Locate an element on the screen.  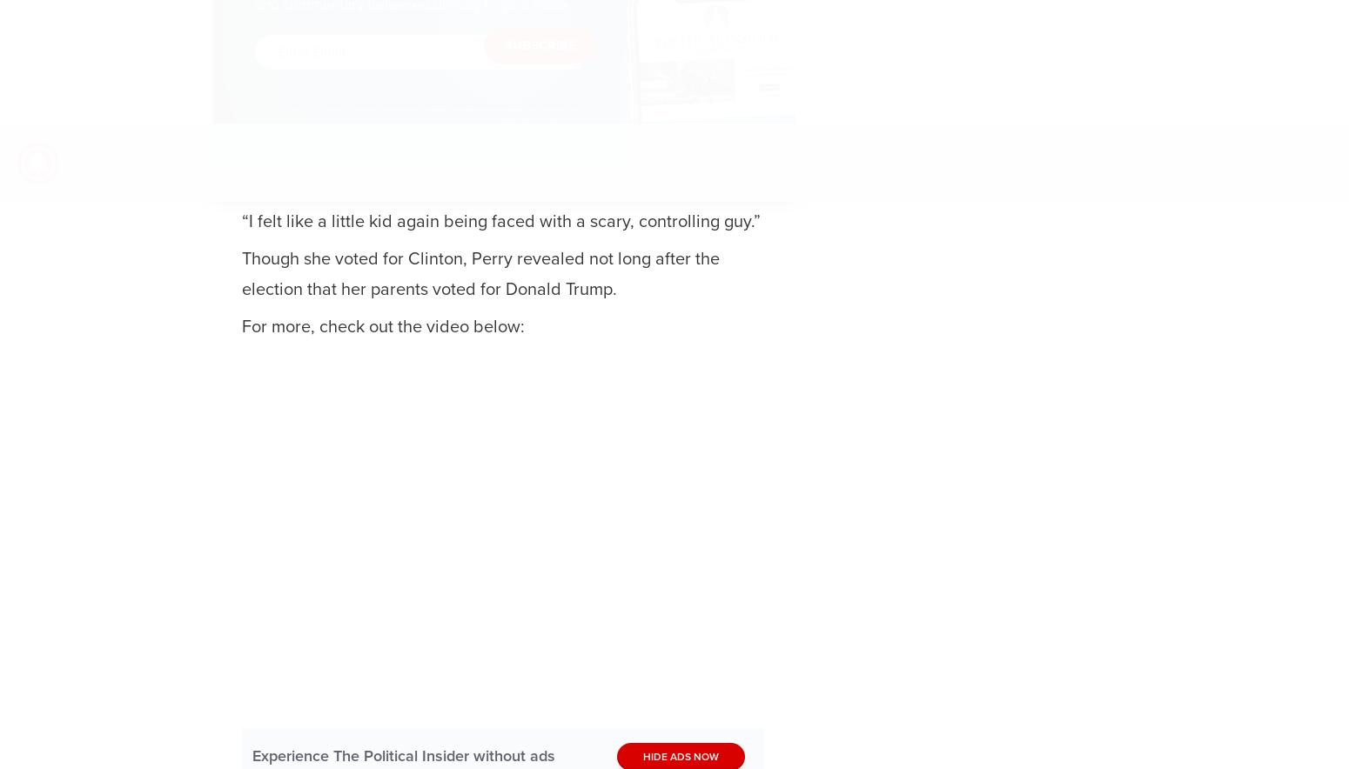
'. You further agree that the use of reCAPTCHA is subject to the' is located at coordinates (409, 124).